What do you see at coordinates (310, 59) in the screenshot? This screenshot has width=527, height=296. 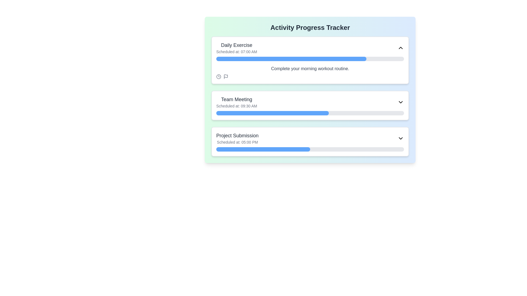 I see `the progress bar that visually represents the completion percentage of the 'Daily Exercise' task, located within the card titled 'Daily Exercise'` at bounding box center [310, 59].